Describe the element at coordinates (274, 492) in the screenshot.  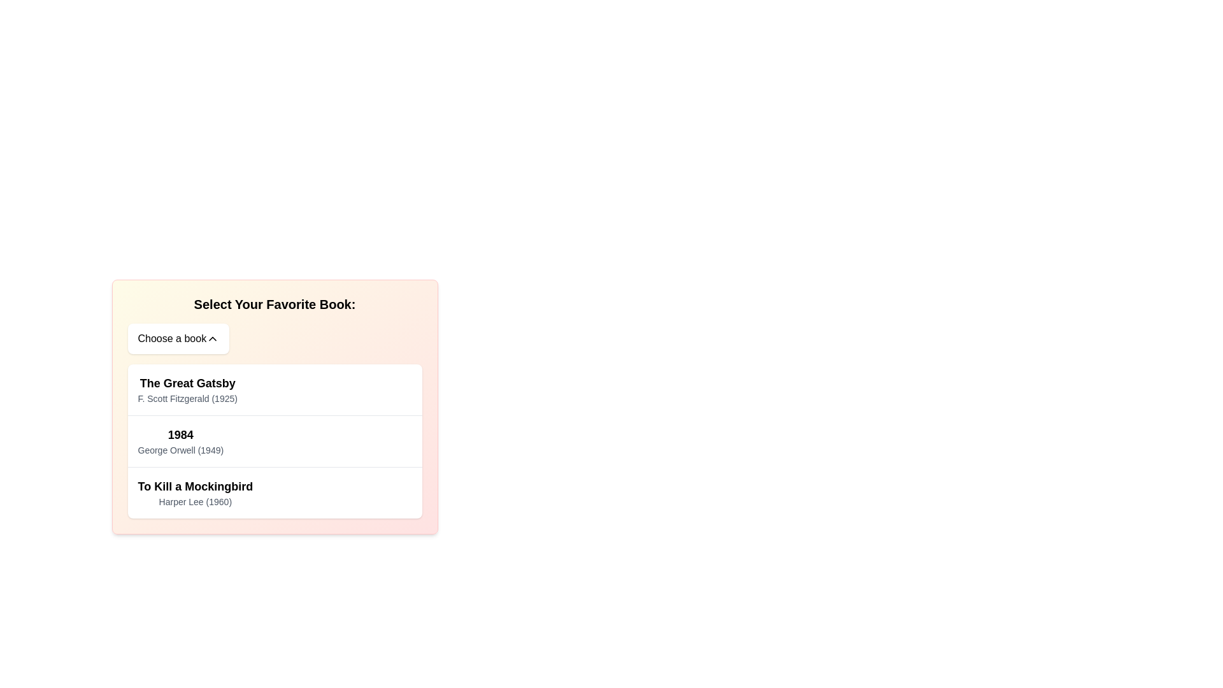
I see `the list item for the book 'To Kill a Mockingbird'` at that location.